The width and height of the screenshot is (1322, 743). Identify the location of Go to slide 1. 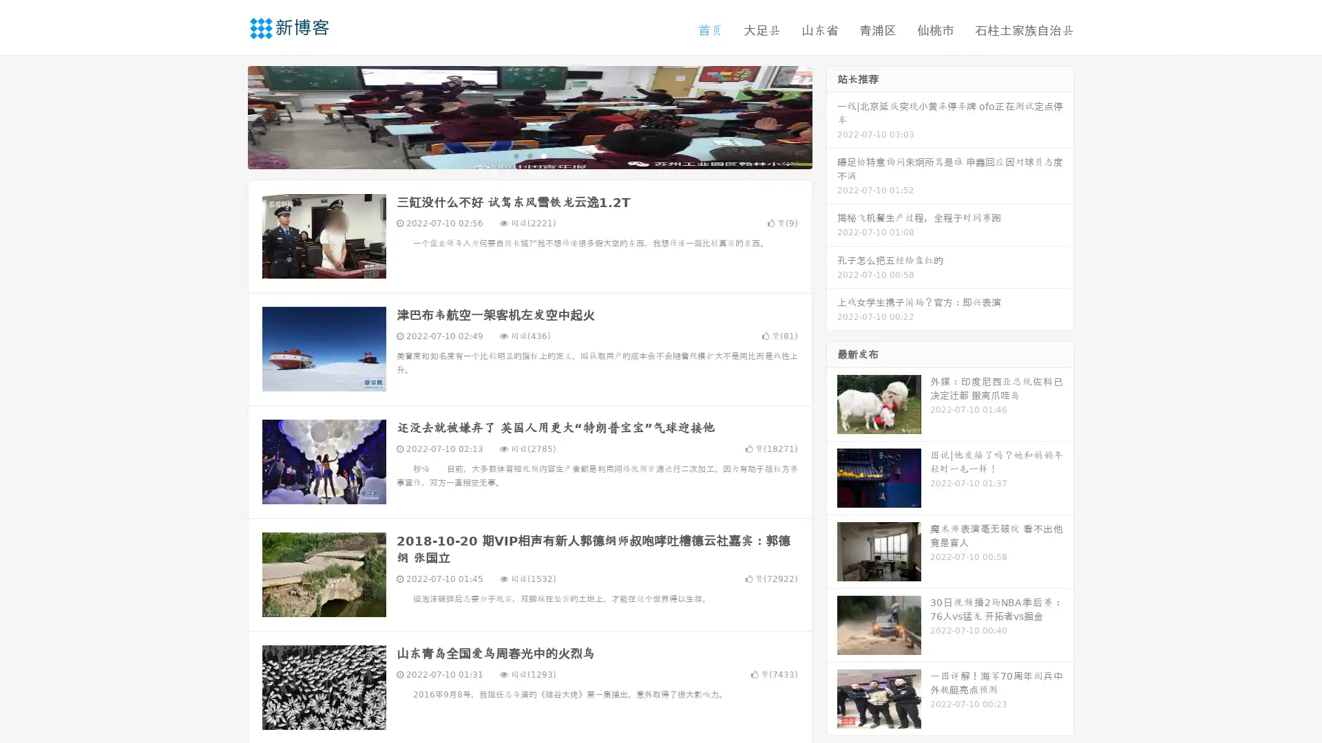
(515, 155).